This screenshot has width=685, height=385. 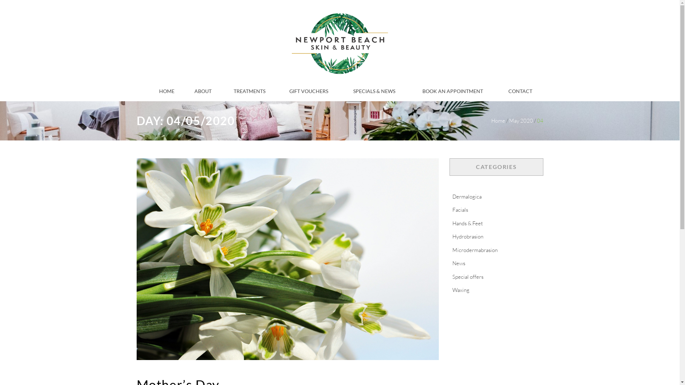 What do you see at coordinates (449, 223) in the screenshot?
I see `'Hands & Feet'` at bounding box center [449, 223].